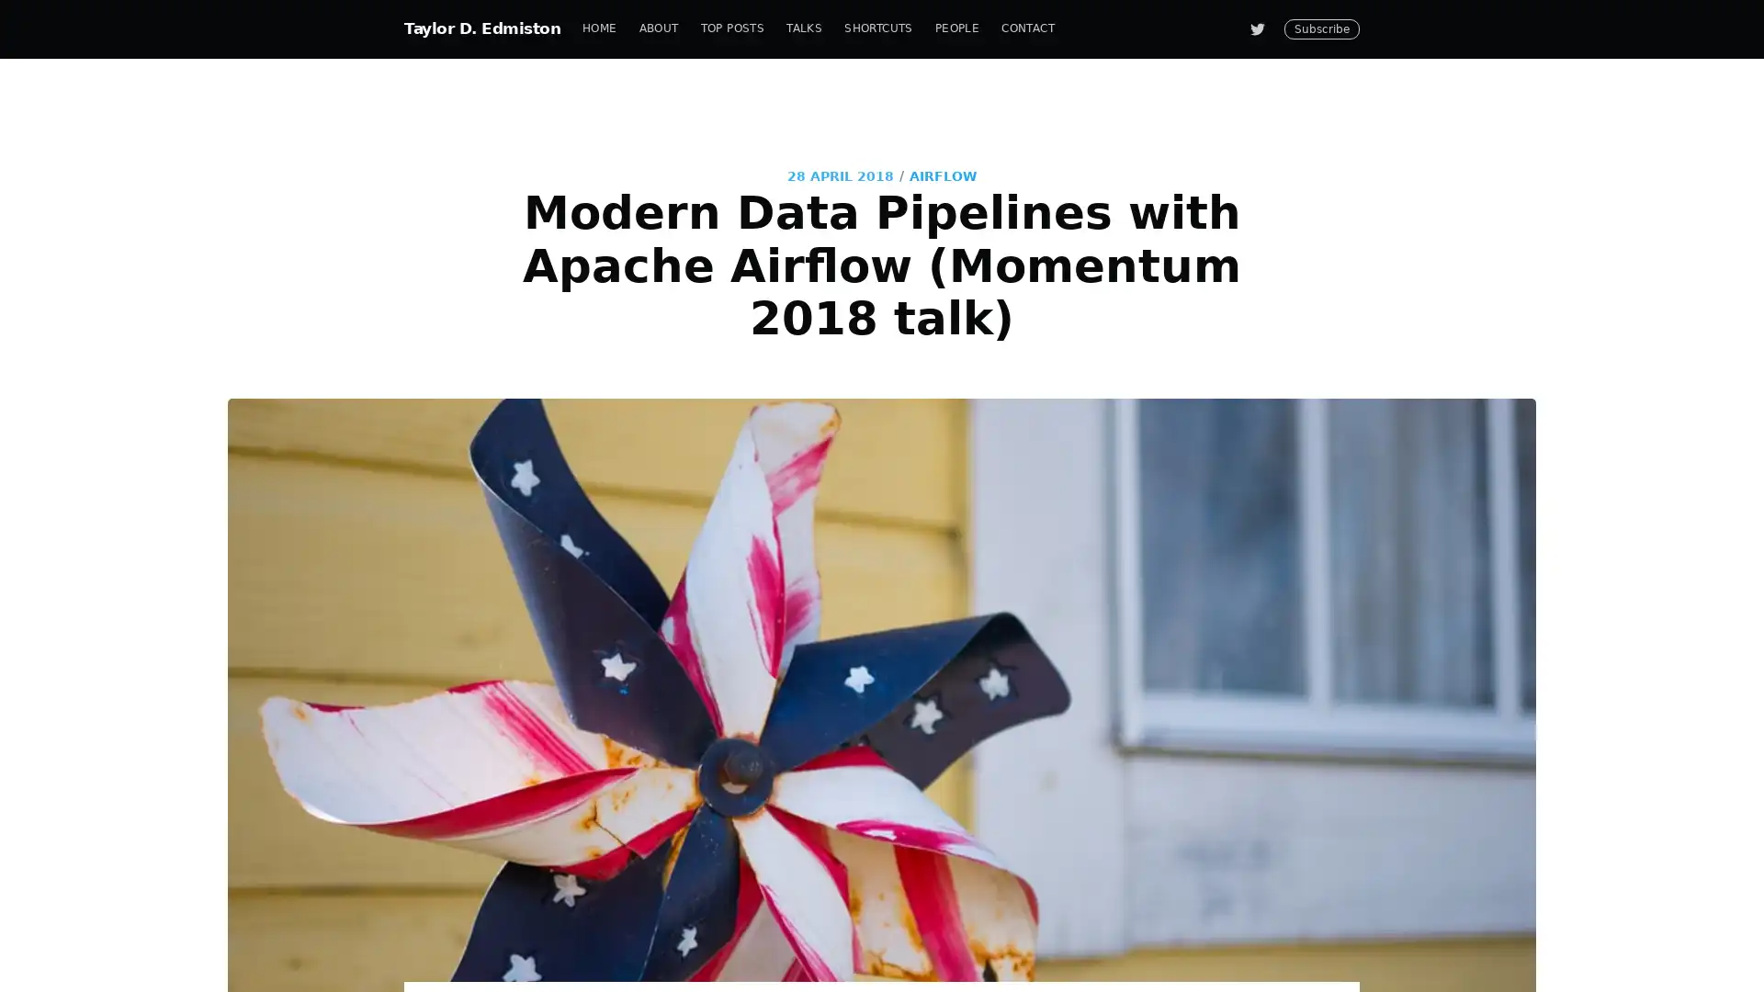  I want to click on Subscribe, so click(1049, 563).